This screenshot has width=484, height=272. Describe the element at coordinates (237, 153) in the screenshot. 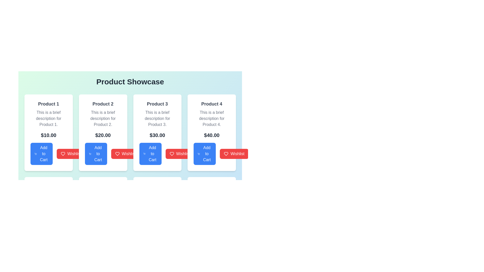

I see `text label indicating the purpose of the button for adding the associated product to the user's wishlist, located under the 'Product 4' card in the 'Product Showcase' section, to the right of a heart-shaped icon` at that location.